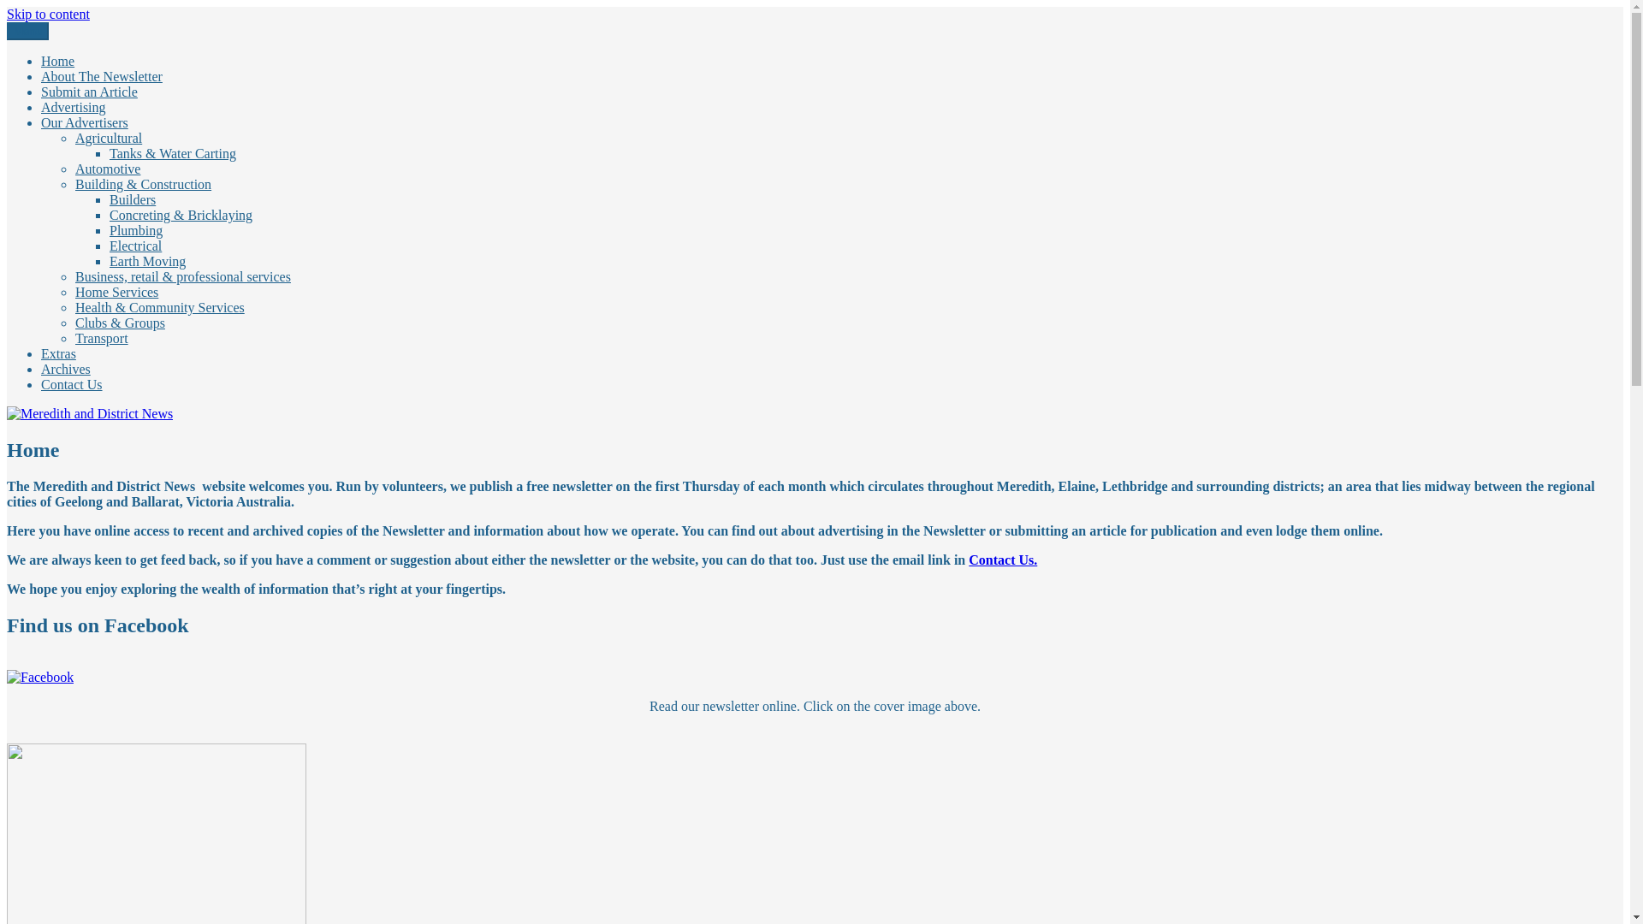 The width and height of the screenshot is (1643, 924). I want to click on 'Our Advertisers', so click(41, 121).